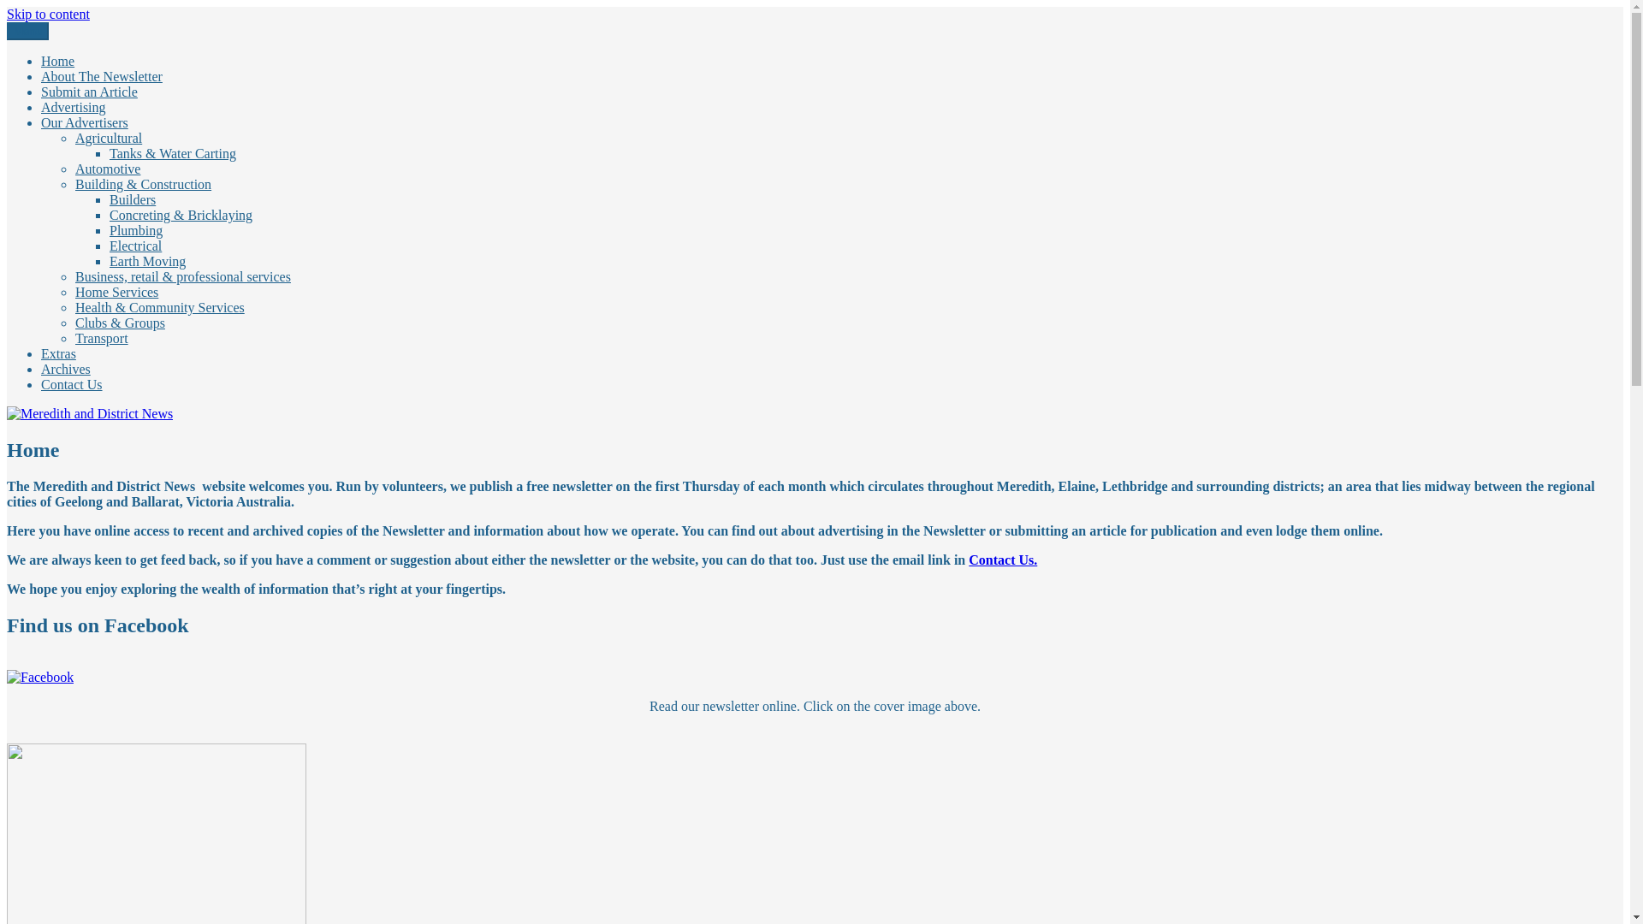 The width and height of the screenshot is (1643, 924). I want to click on 'Our Advertisers', so click(41, 121).